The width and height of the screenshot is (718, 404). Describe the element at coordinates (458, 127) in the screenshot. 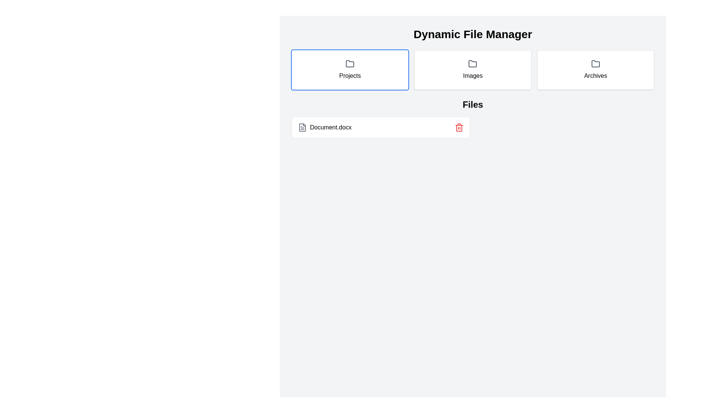

I see `the red trash bin icon button located in the rightmost segment of the row containing the text 'Document.docx'` at that location.